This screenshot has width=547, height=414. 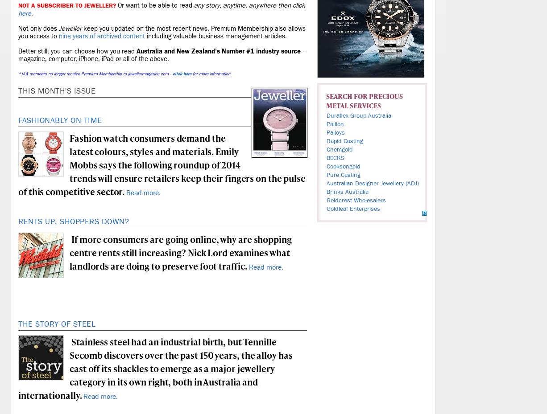 I want to click on 'Not only does', so click(x=18, y=28).